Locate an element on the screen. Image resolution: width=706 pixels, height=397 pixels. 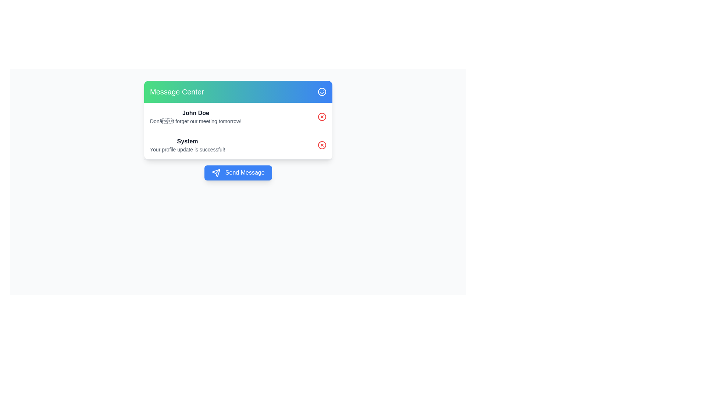
the text label displaying 'Your profile update is successful!', which is located below the 'System' heading in the notification message card is located at coordinates (188, 149).